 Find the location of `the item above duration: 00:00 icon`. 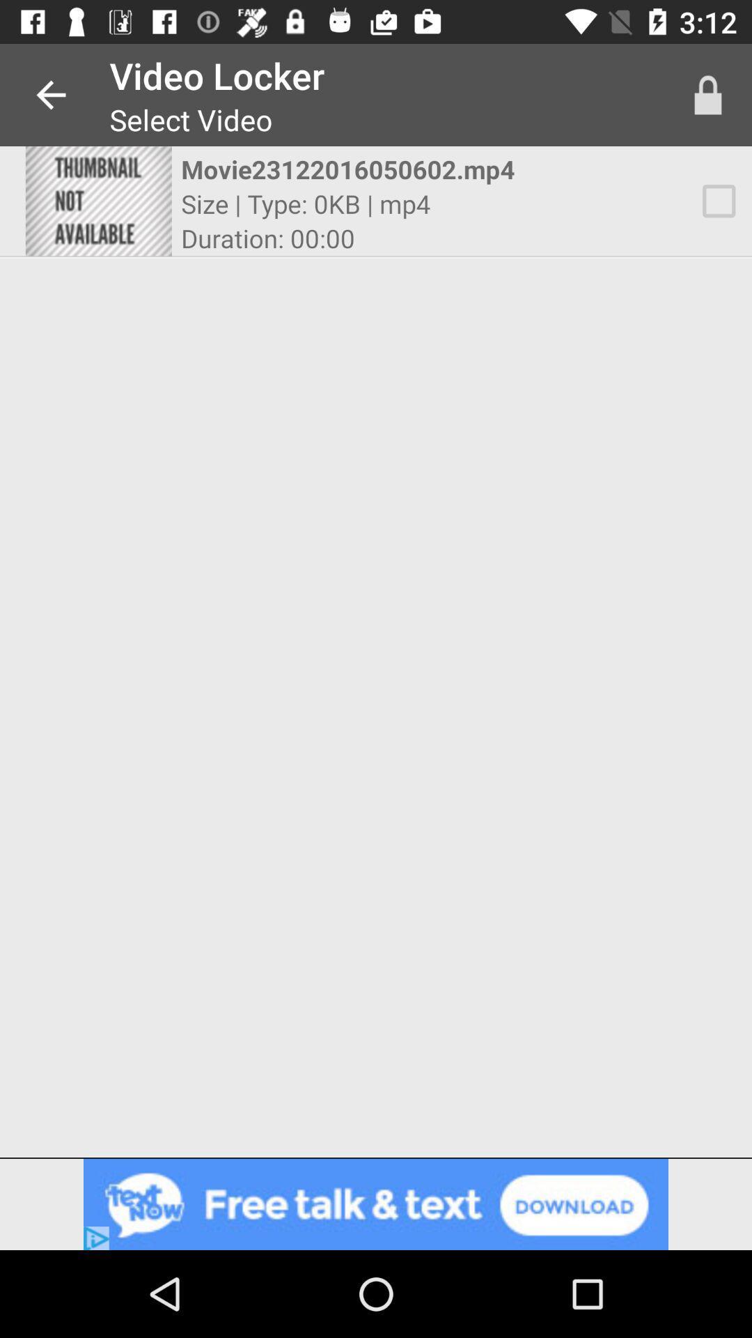

the item above duration: 00:00 icon is located at coordinates (305, 203).